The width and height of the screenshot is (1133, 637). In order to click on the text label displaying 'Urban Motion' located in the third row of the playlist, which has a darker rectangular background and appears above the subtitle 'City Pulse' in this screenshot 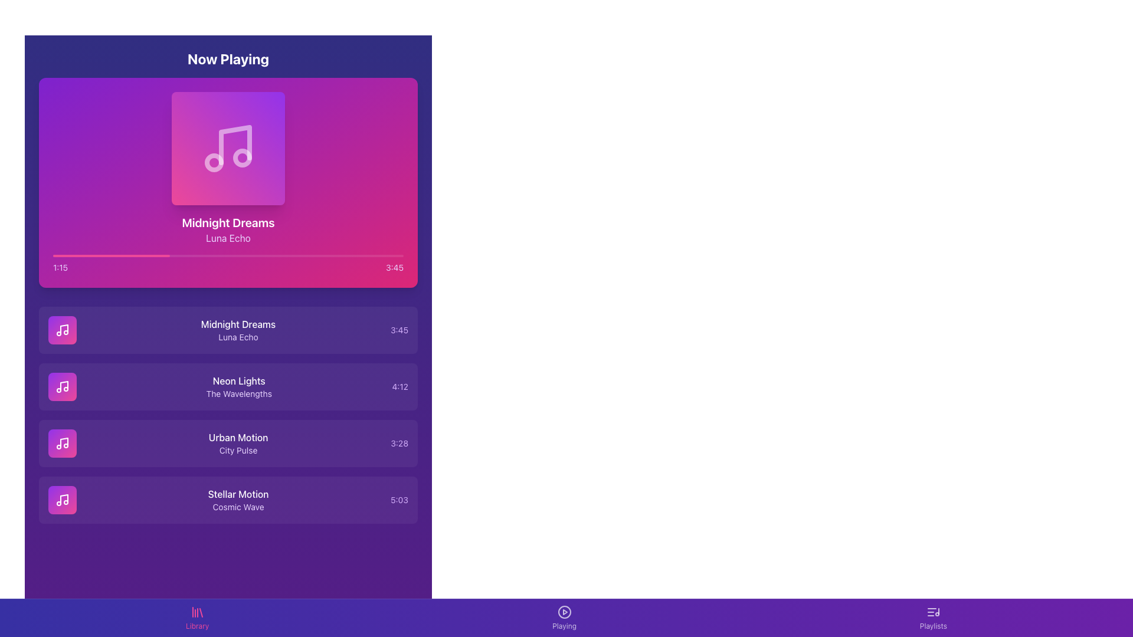, I will do `click(238, 437)`.